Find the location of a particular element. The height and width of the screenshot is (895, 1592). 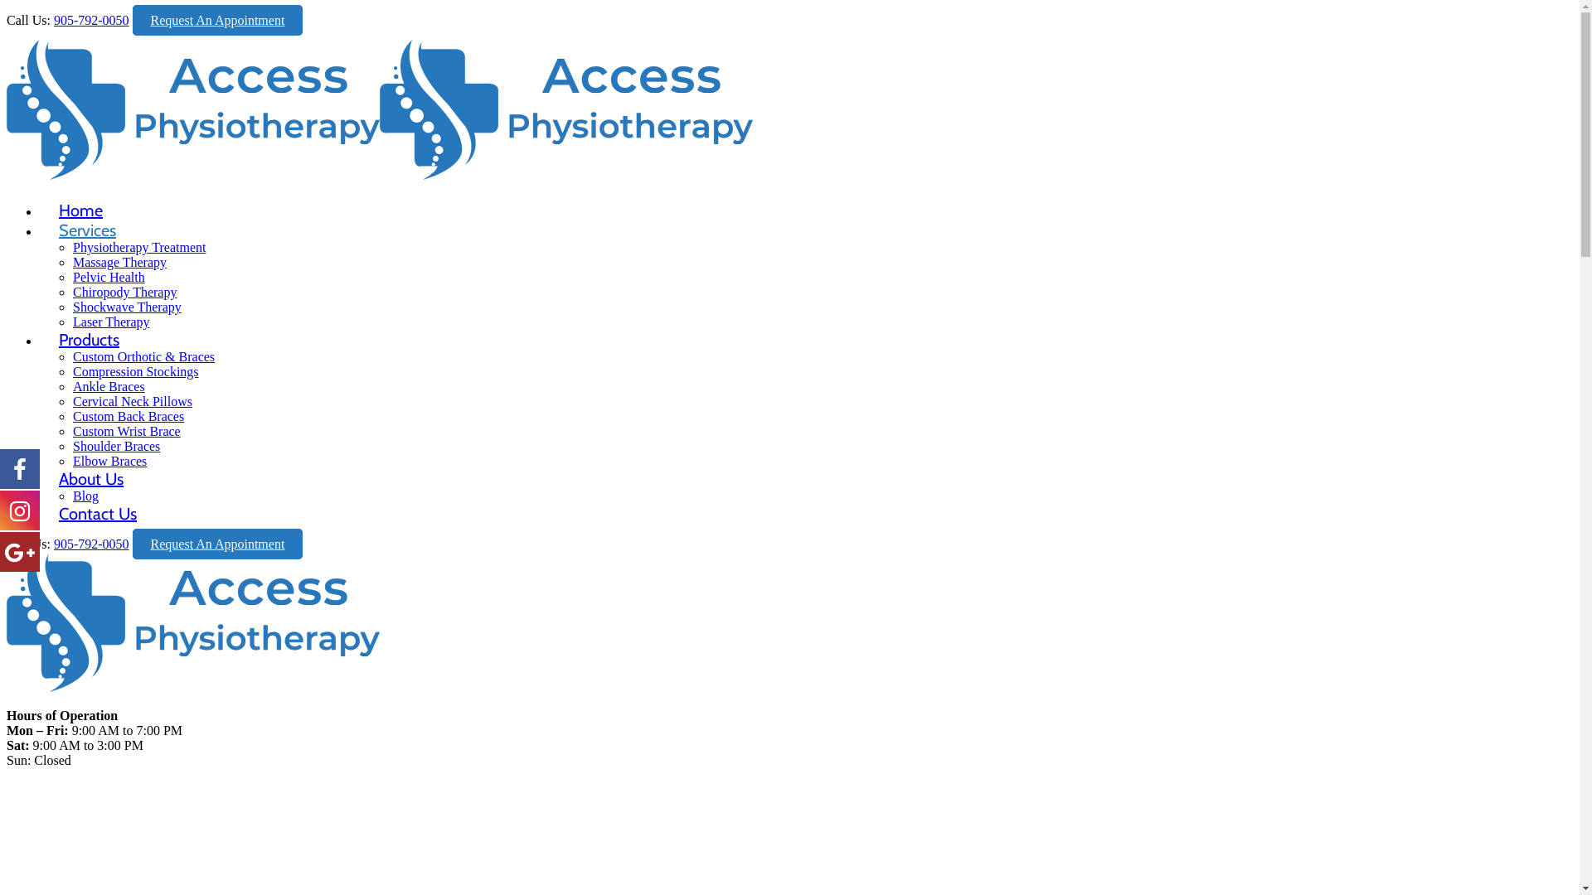

'Custom Back Braces' is located at coordinates (127, 415).